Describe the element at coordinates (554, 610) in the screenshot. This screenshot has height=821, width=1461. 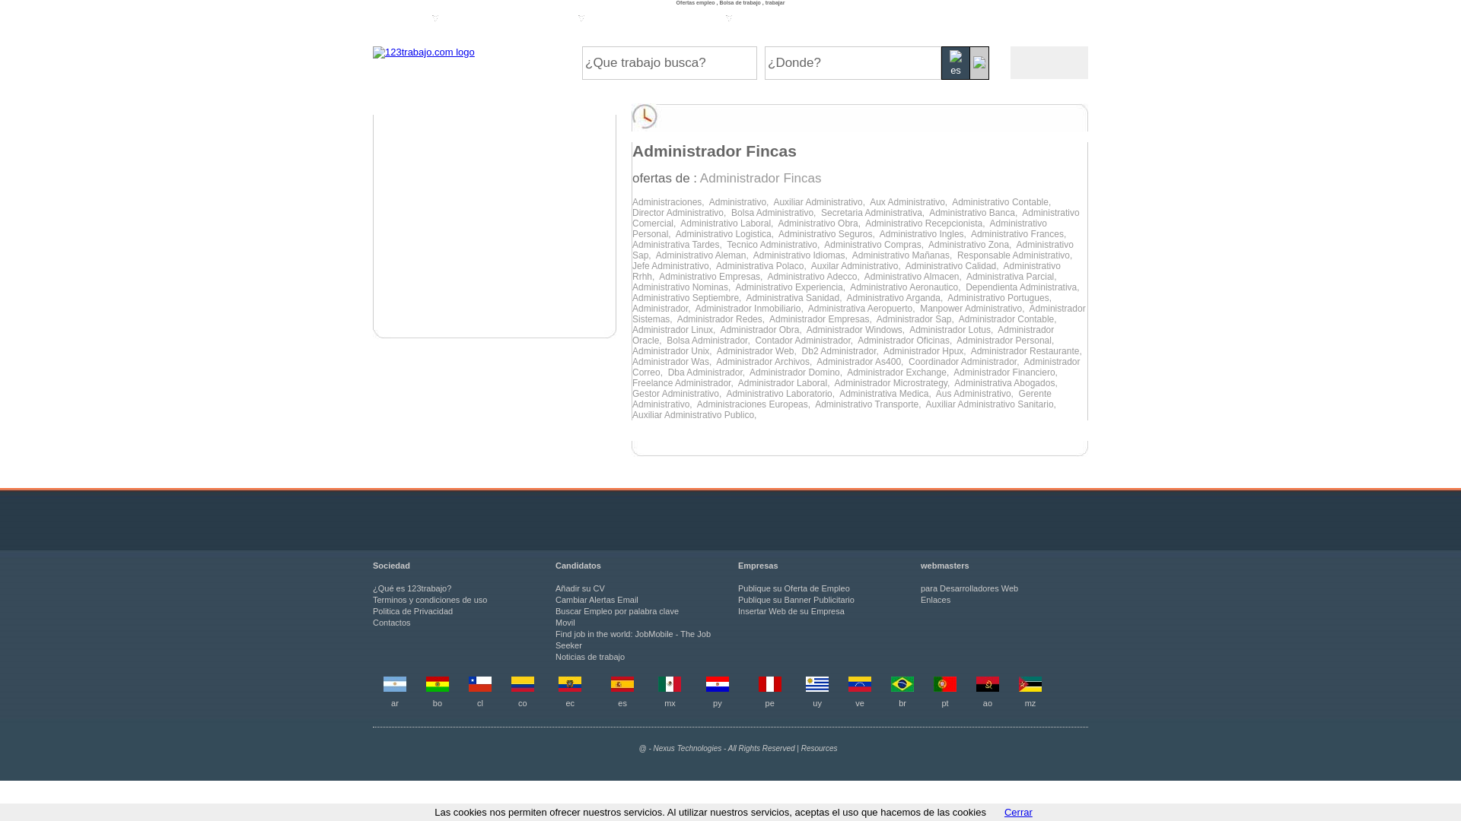
I see `'Buscar Empleo por palabra clave'` at that location.